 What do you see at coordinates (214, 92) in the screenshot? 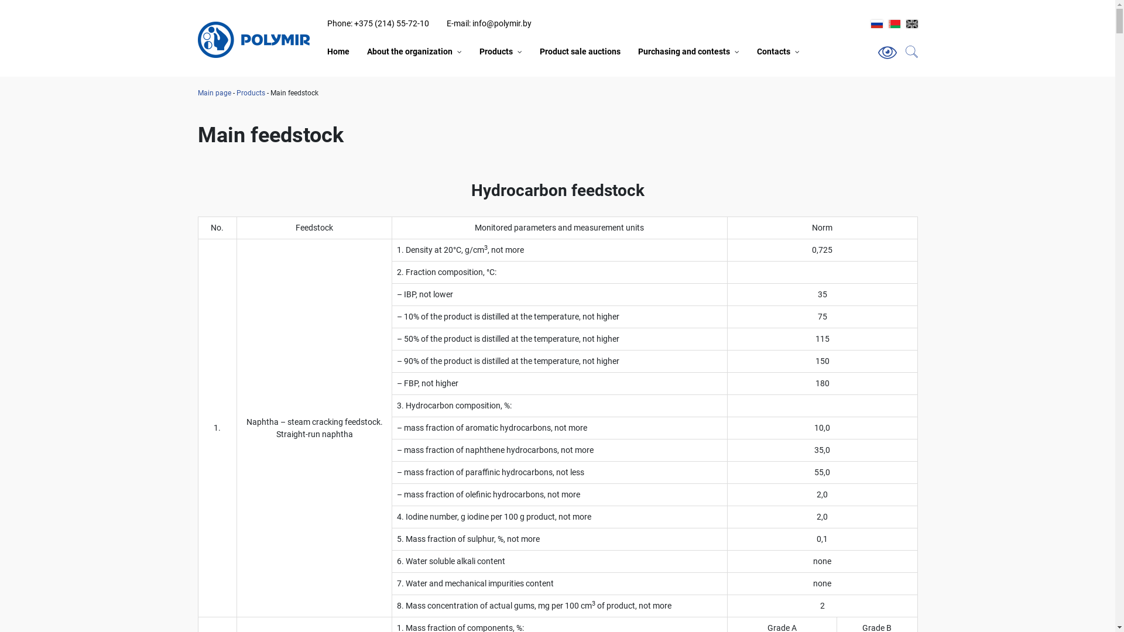
I see `'Main page'` at bounding box center [214, 92].